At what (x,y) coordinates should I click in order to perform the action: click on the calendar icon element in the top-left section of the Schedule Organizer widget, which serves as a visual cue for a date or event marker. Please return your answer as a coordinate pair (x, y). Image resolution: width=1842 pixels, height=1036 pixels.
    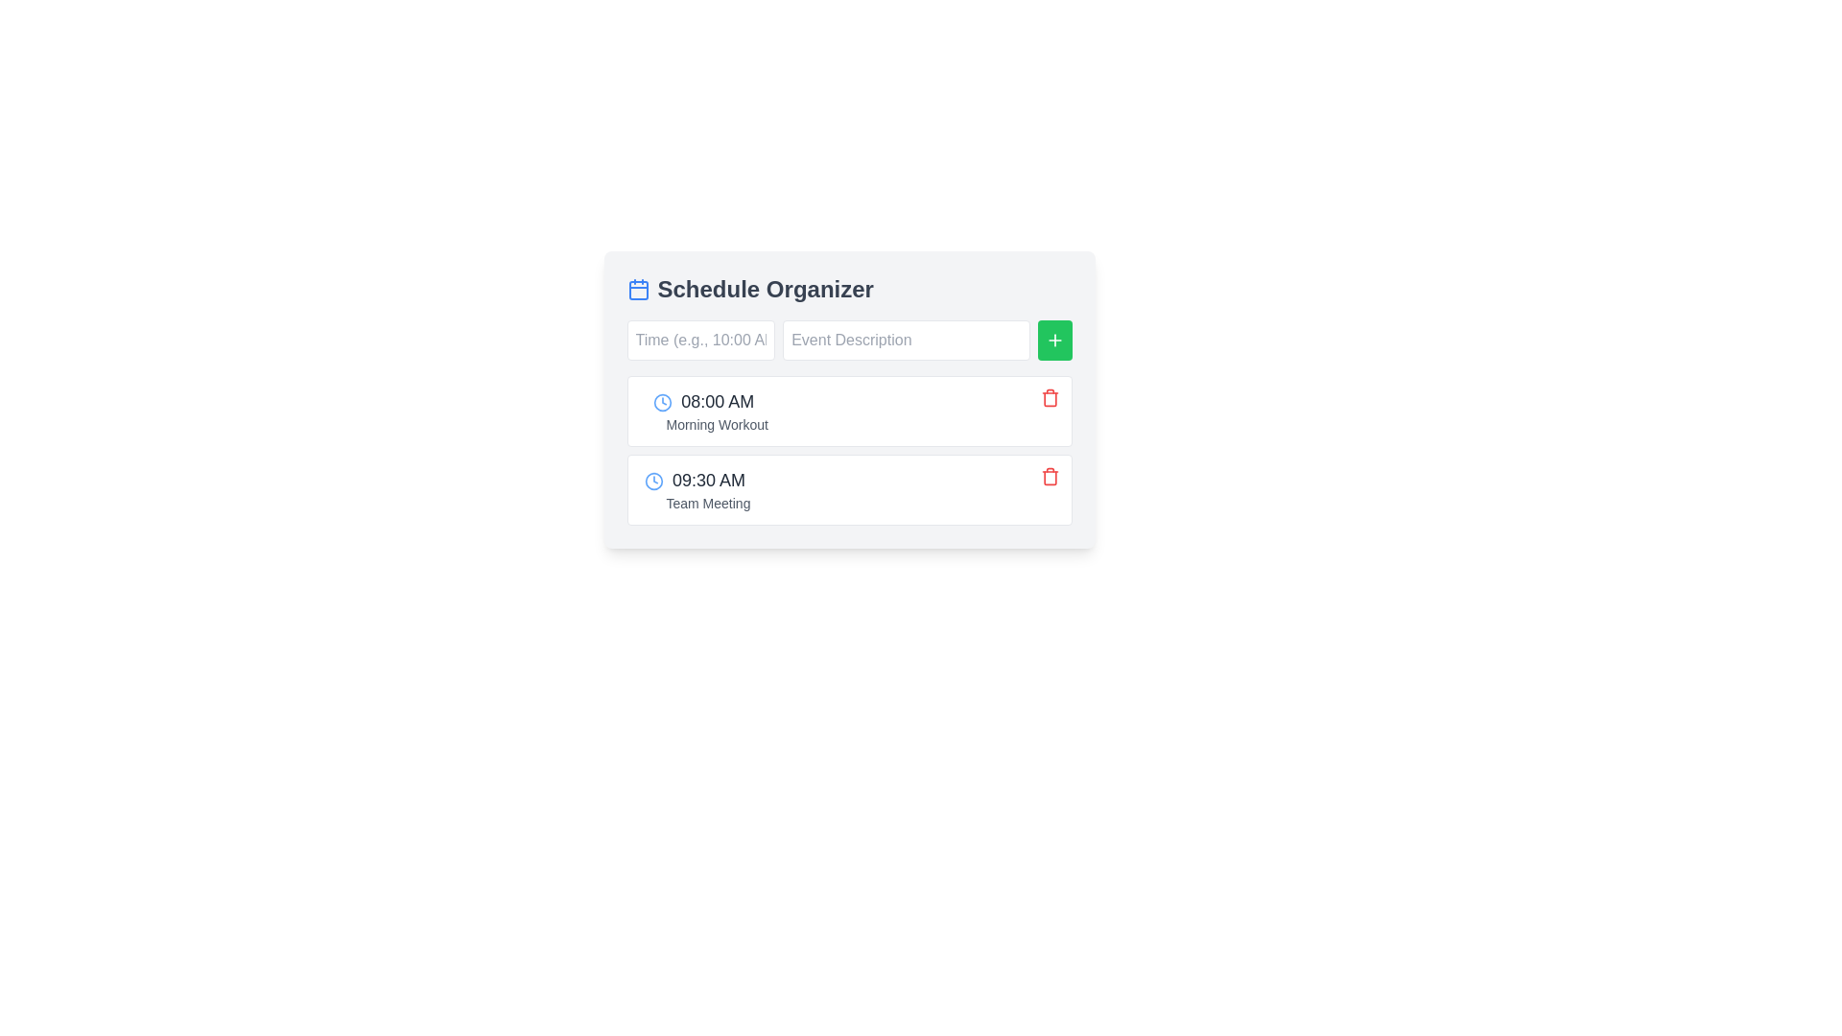
    Looking at the image, I should click on (638, 291).